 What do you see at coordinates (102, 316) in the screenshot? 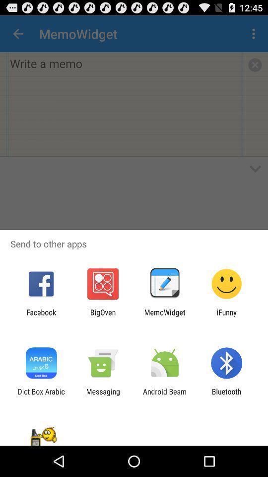
I see `item next to the memowidget app` at bounding box center [102, 316].